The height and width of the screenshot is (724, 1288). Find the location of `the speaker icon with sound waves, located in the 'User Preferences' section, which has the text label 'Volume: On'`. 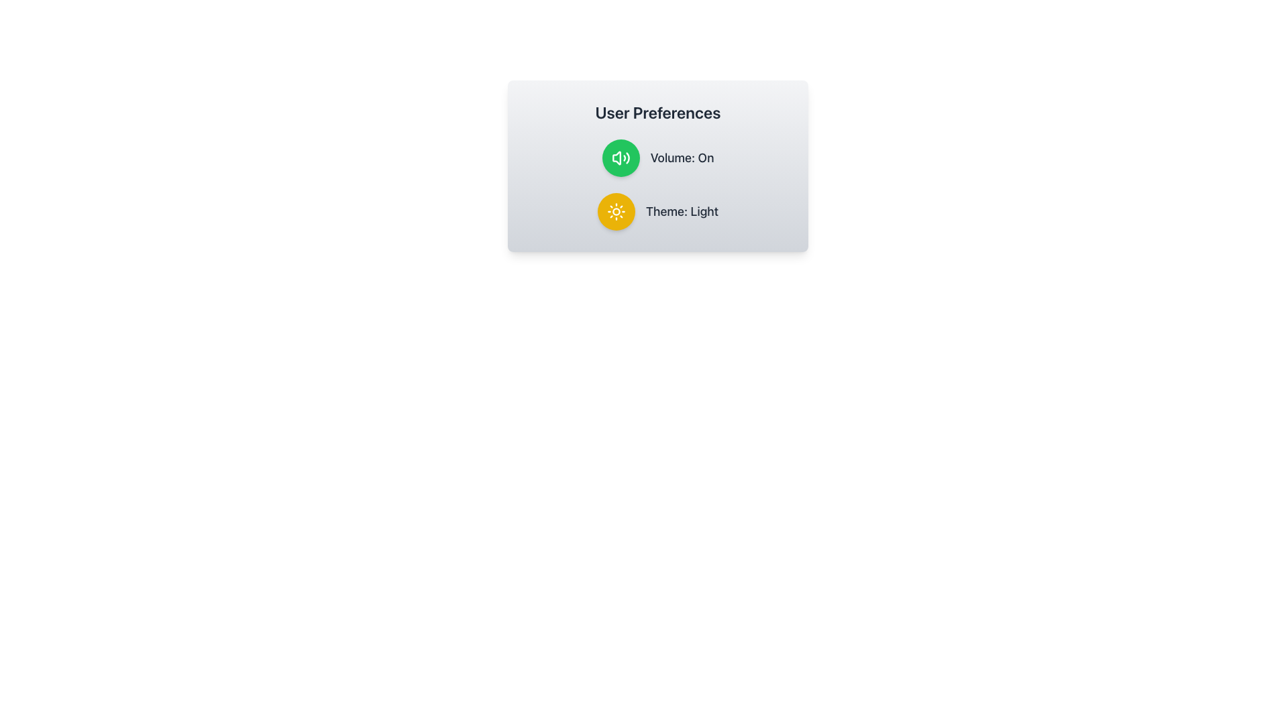

the speaker icon with sound waves, located in the 'User Preferences' section, which has the text label 'Volume: On' is located at coordinates (616, 157).